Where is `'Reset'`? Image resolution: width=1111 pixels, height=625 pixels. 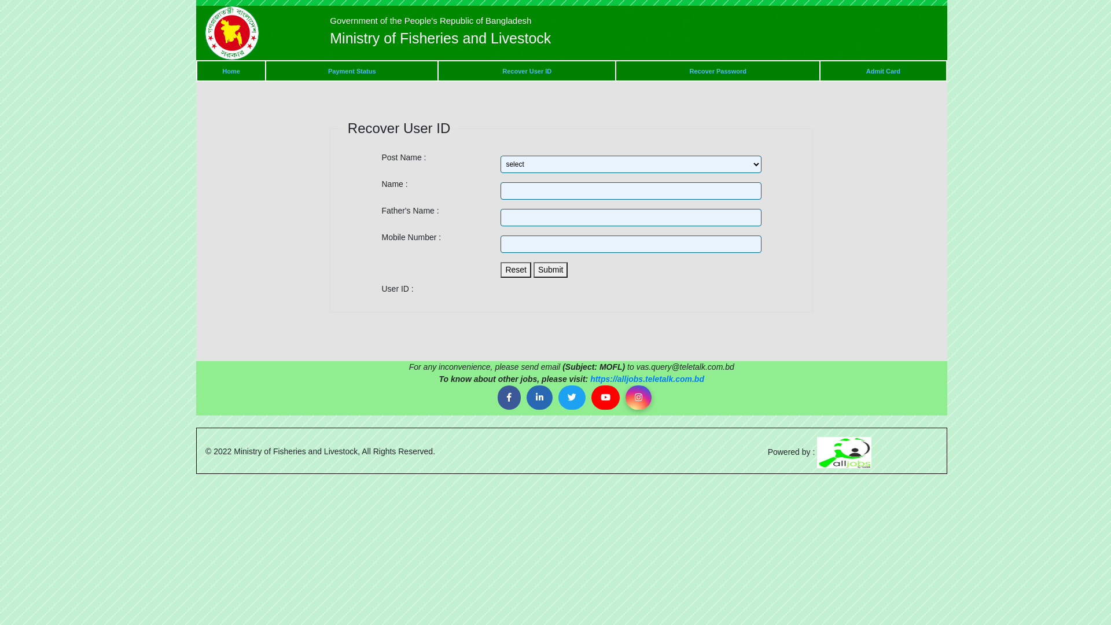 'Reset' is located at coordinates (500, 270).